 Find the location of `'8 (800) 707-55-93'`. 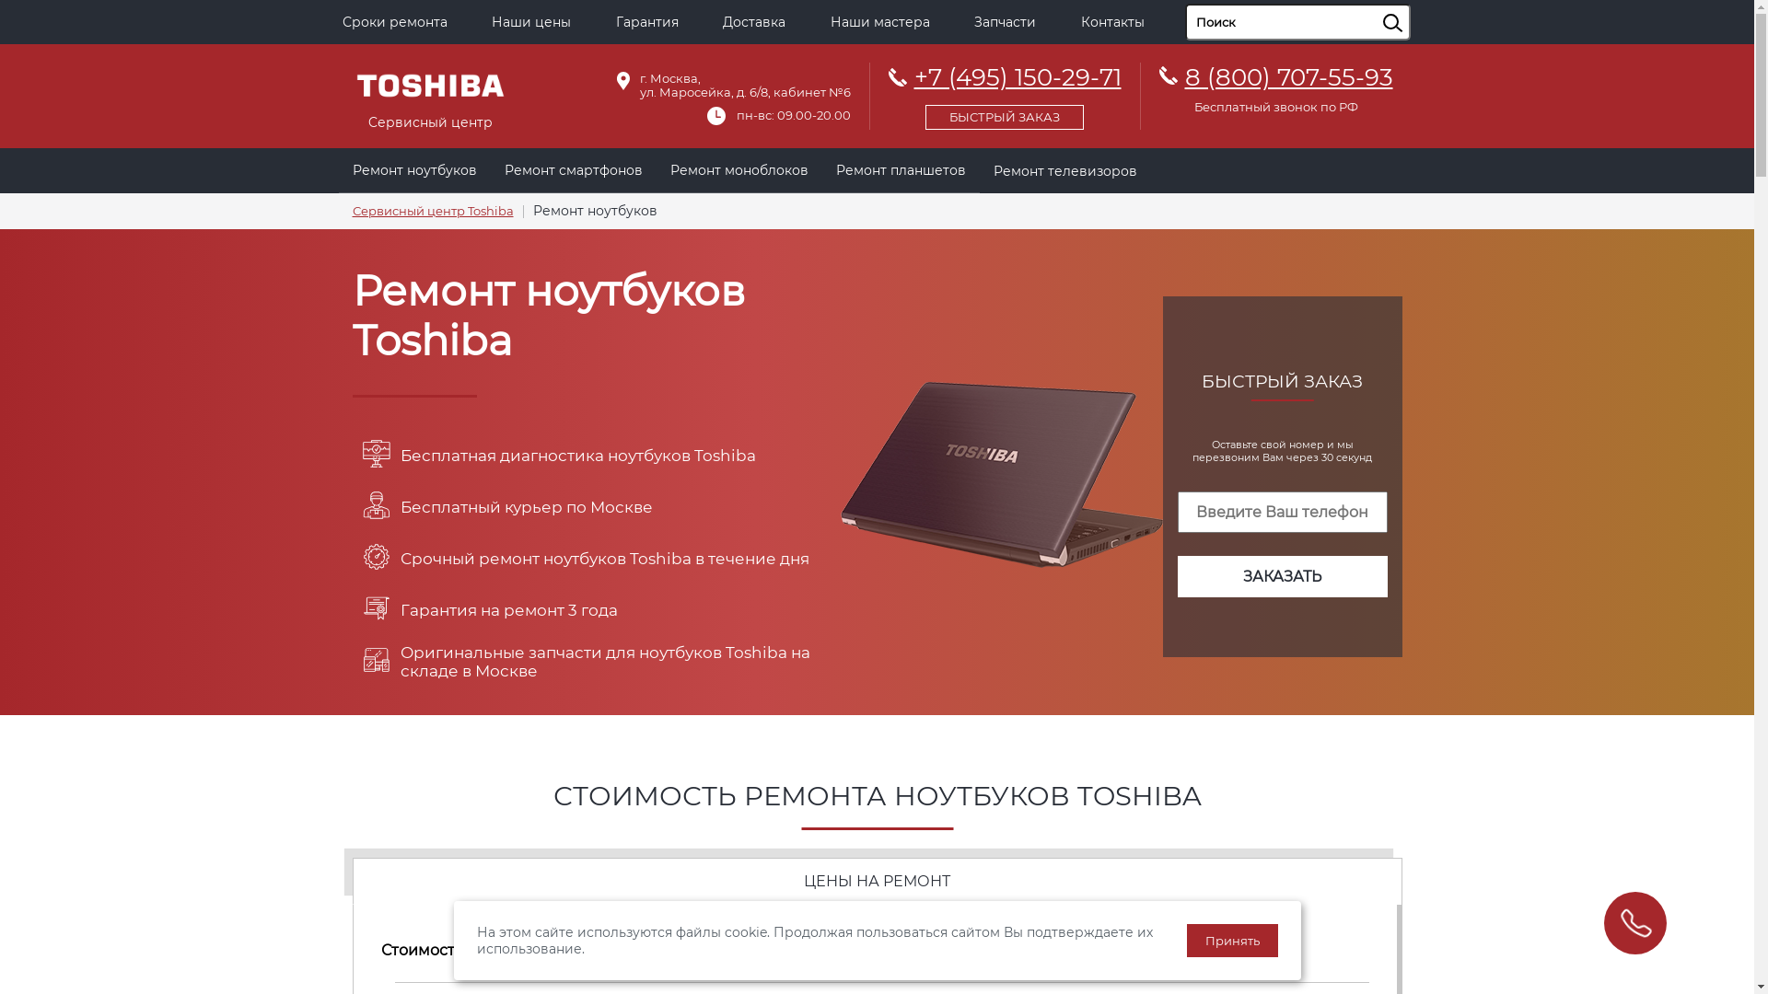

'8 (800) 707-55-93' is located at coordinates (1184, 75).